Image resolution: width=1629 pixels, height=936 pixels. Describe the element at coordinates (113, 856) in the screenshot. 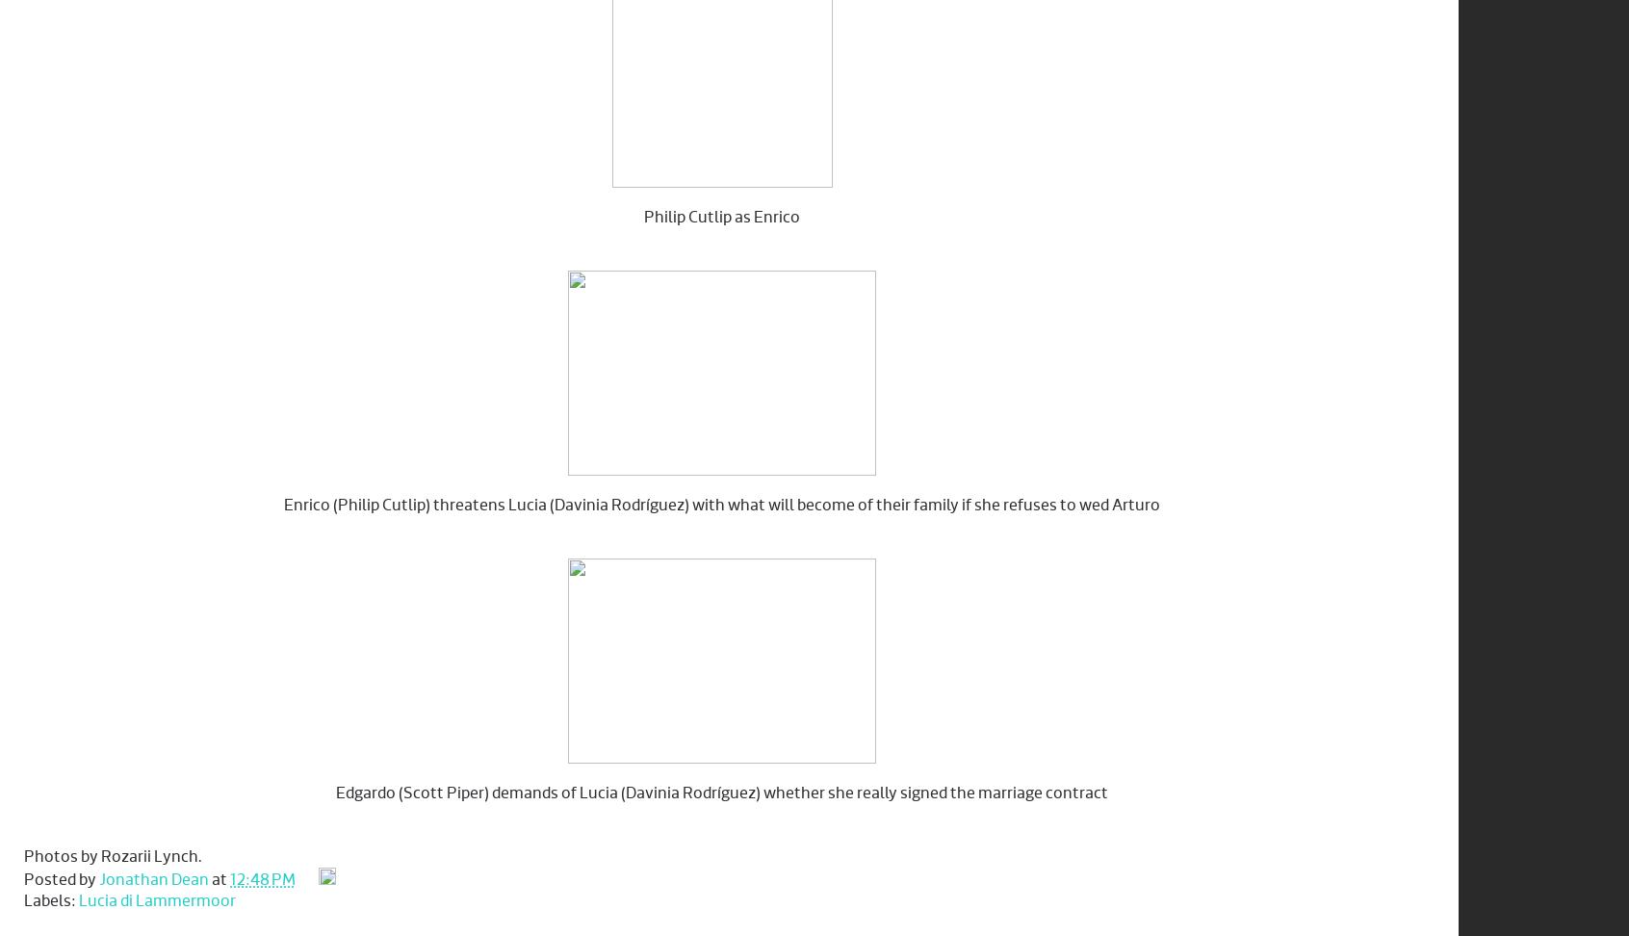

I see `'Photos by Rozarii Lynch.'` at that location.